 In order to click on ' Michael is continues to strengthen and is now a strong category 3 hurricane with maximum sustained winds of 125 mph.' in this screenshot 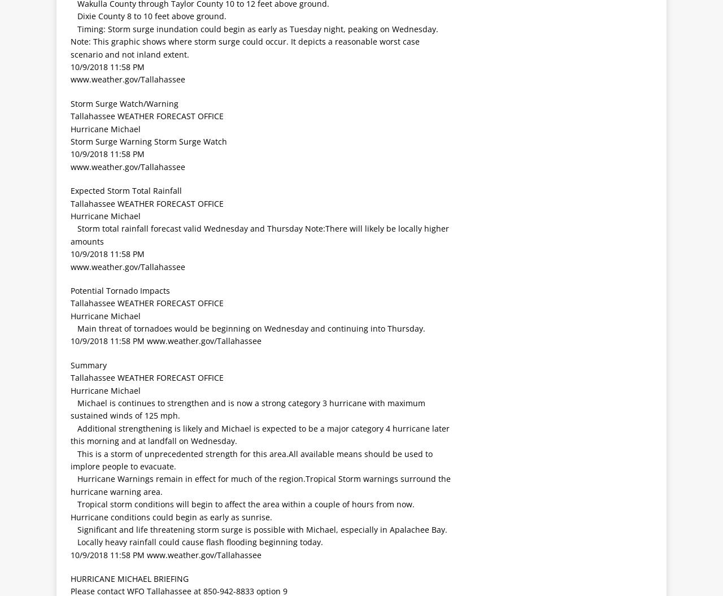, I will do `click(247, 409)`.